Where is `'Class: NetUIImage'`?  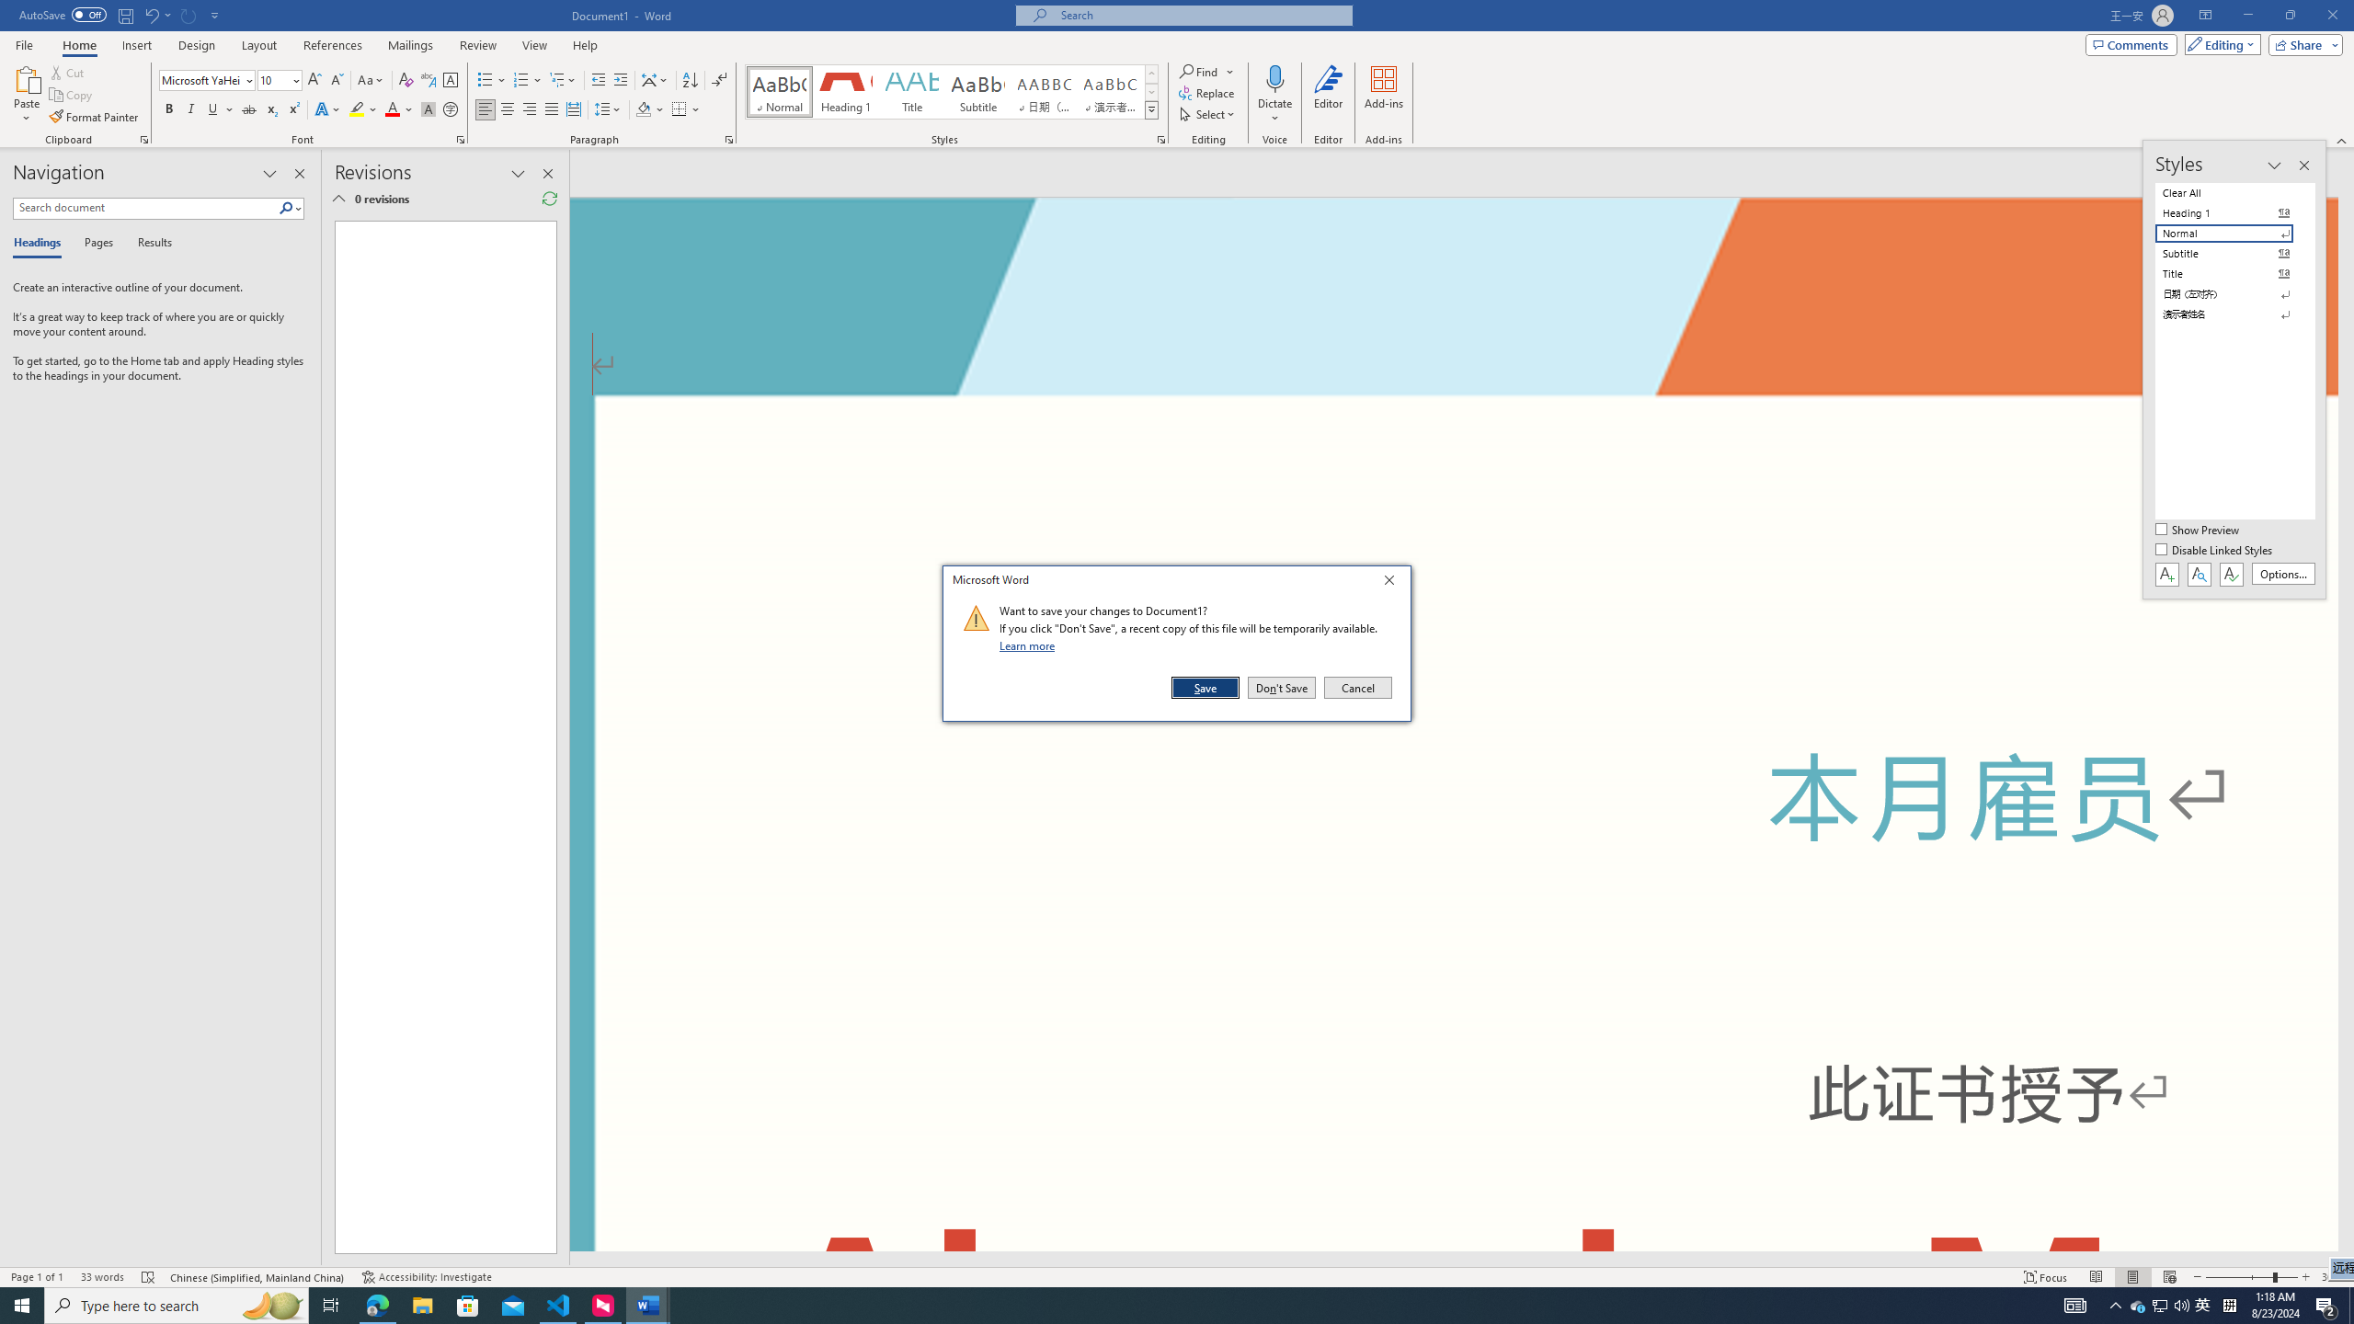
'Class: NetUIImage' is located at coordinates (976, 617).